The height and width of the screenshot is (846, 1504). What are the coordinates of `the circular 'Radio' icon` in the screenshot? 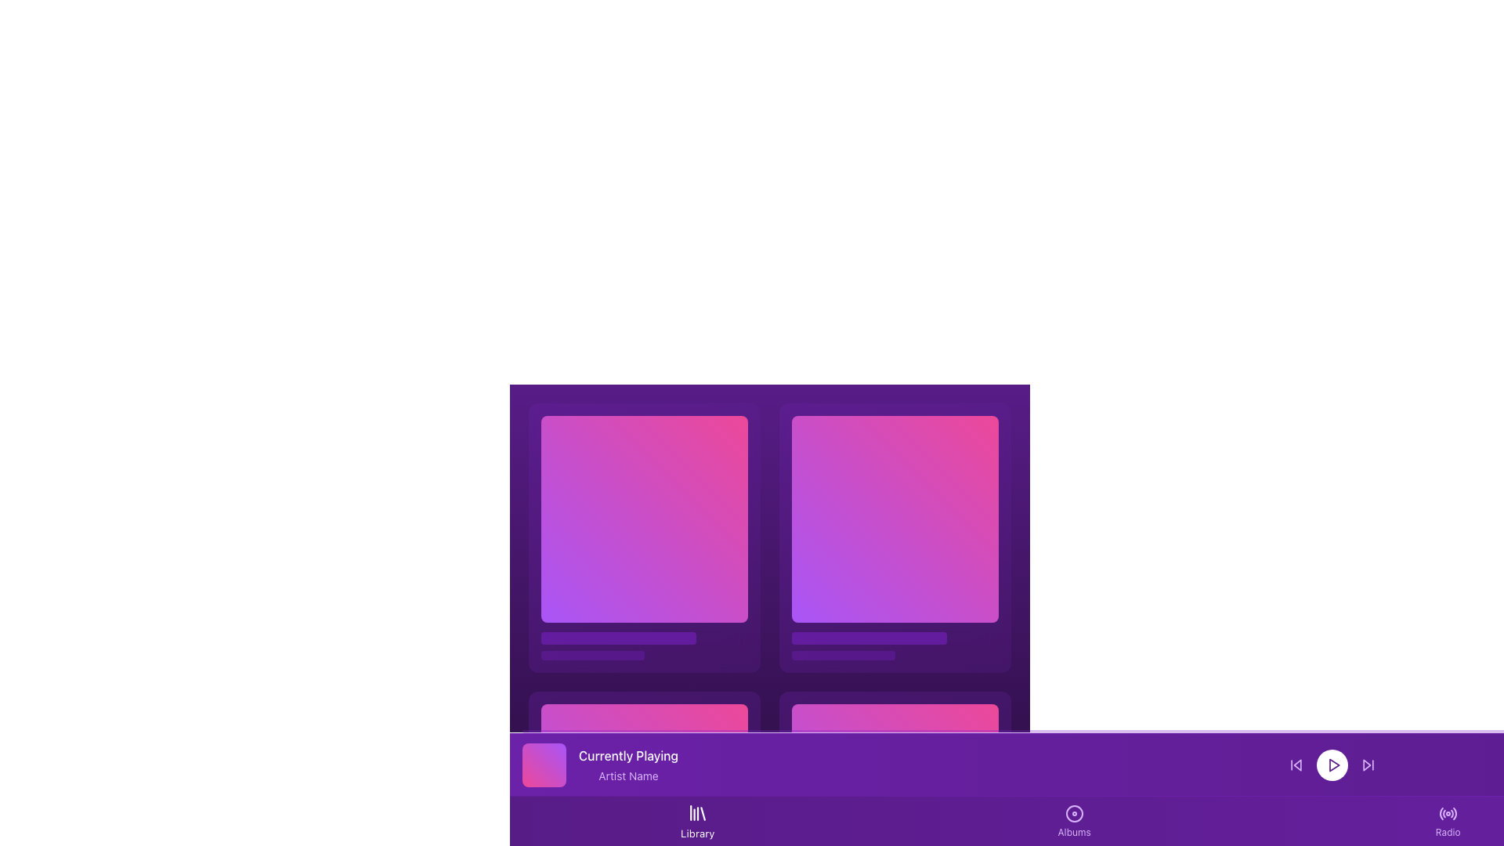 It's located at (1447, 812).